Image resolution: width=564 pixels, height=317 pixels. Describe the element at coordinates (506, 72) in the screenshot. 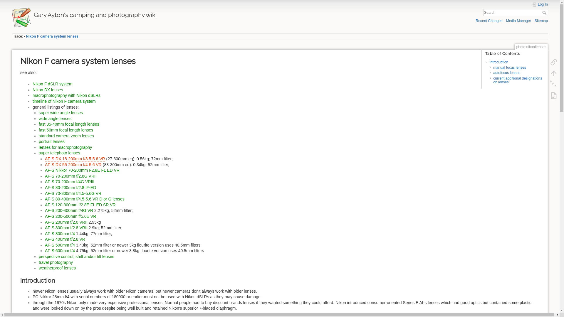

I see `'autofocus lenses'` at that location.